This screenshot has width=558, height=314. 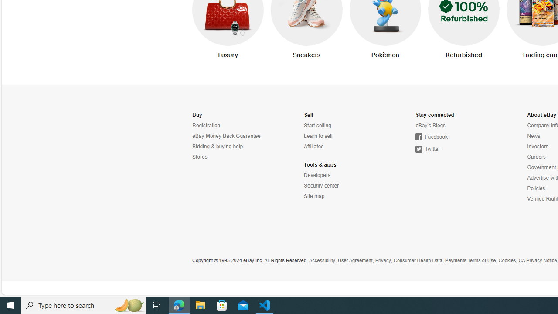 I want to click on 'eBay', so click(x=454, y=126).